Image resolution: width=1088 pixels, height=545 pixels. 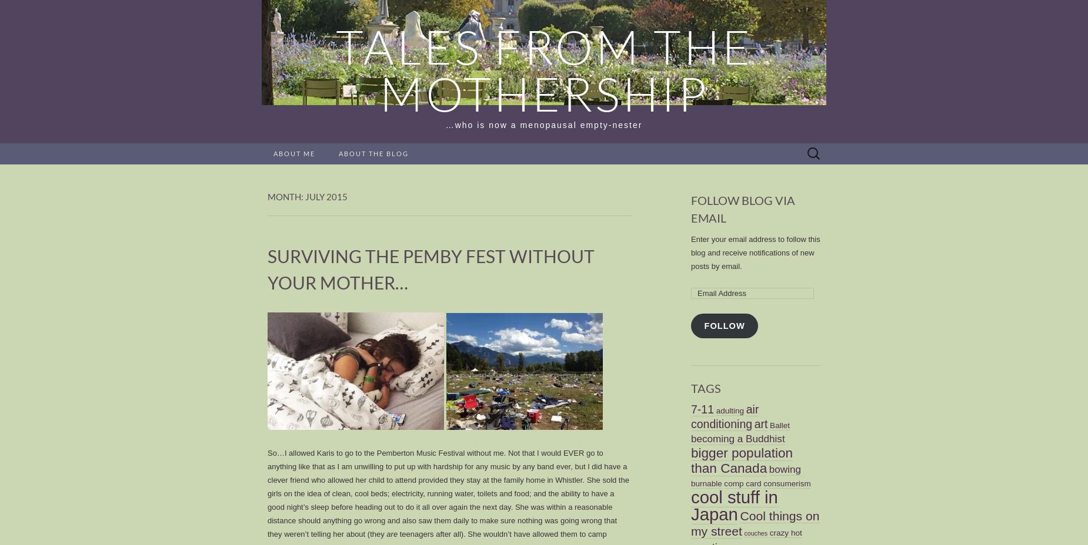 I want to click on 'crazy hot', so click(x=768, y=532).